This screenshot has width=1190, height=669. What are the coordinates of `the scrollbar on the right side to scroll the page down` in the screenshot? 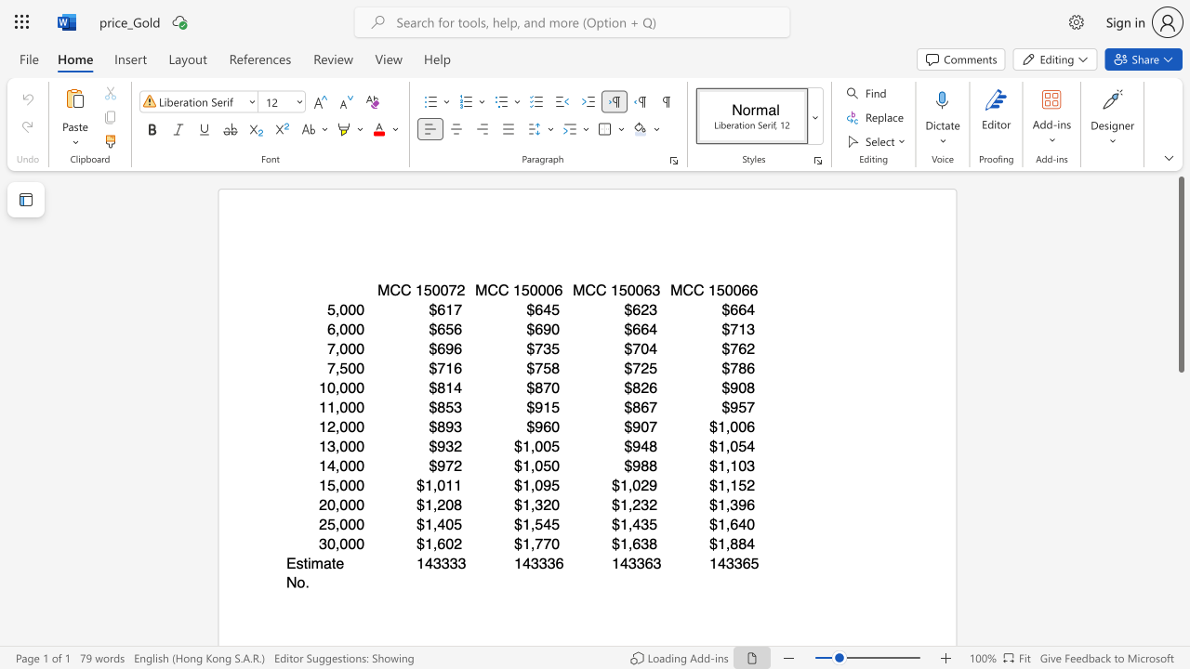 It's located at (1180, 539).